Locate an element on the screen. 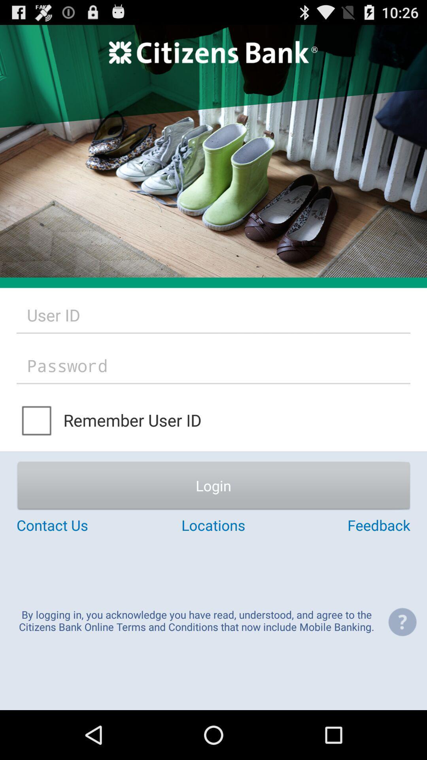  the item below feedback is located at coordinates (402, 621).